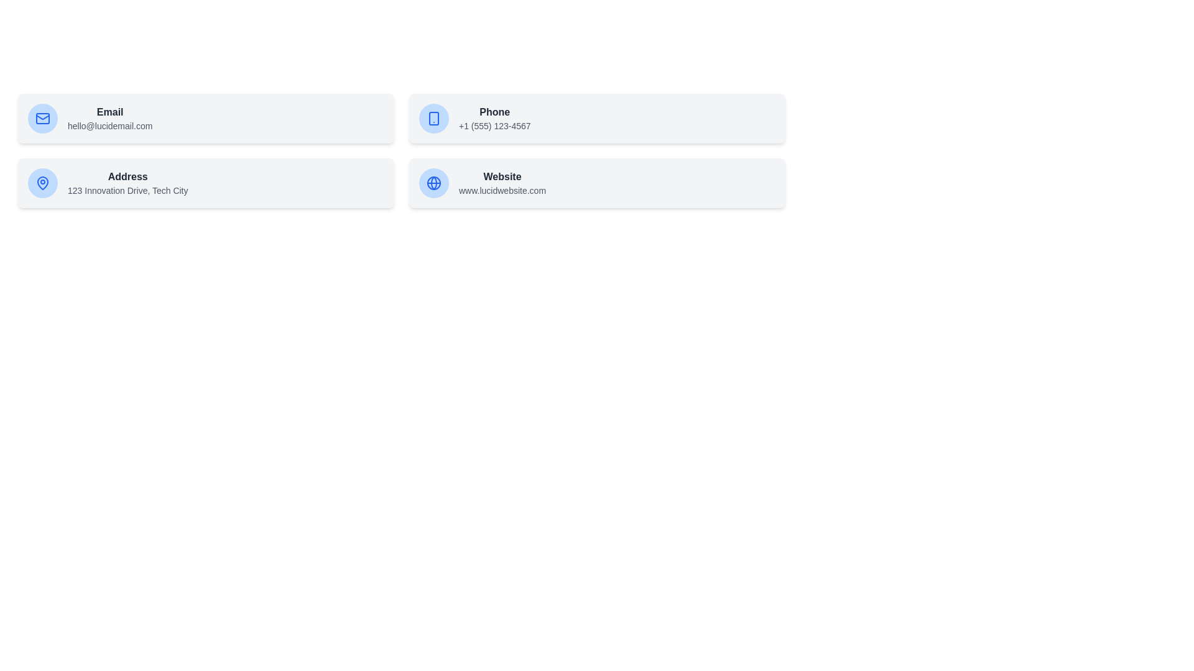  I want to click on the Text label displaying the address '123 Innovation Drive, Tech City', which is styled in a small gray font and positioned below the 'Address' label, so click(127, 191).